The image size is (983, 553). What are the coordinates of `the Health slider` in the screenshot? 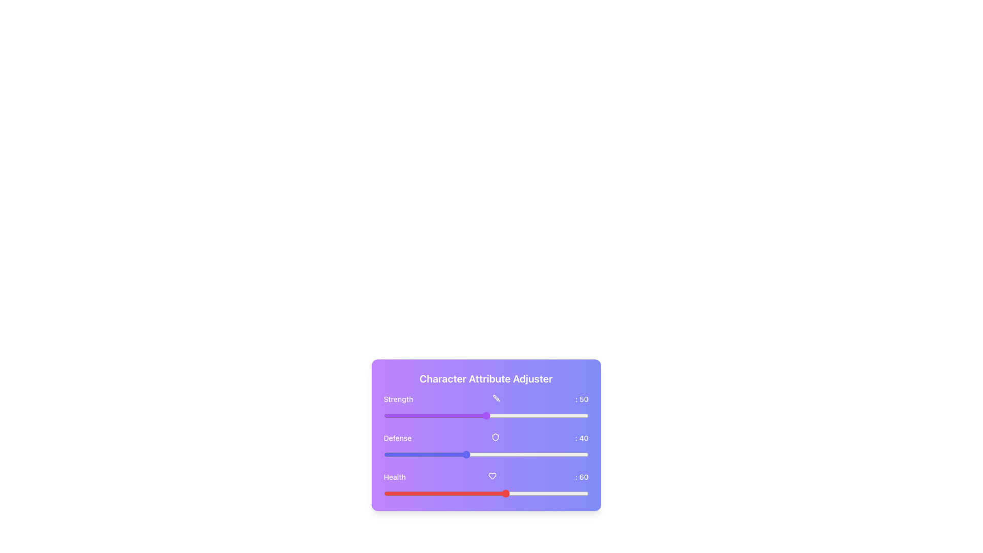 It's located at (504, 493).